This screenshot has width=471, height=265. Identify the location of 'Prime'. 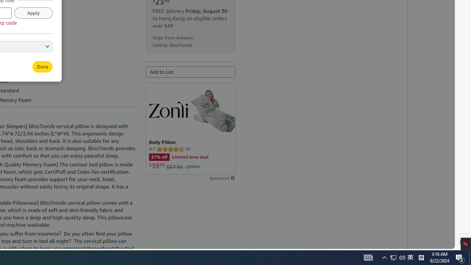
(192, 167).